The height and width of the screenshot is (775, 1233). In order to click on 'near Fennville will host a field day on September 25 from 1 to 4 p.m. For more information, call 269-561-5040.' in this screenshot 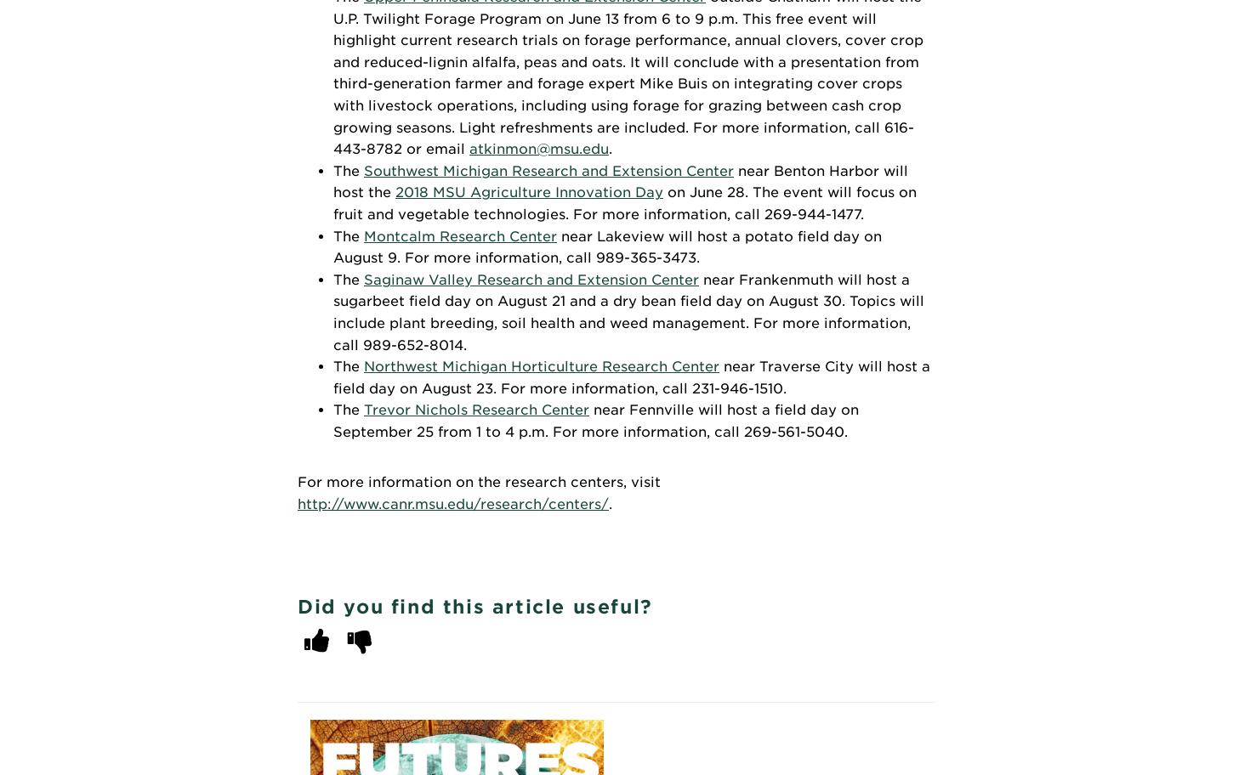, I will do `click(594, 420)`.